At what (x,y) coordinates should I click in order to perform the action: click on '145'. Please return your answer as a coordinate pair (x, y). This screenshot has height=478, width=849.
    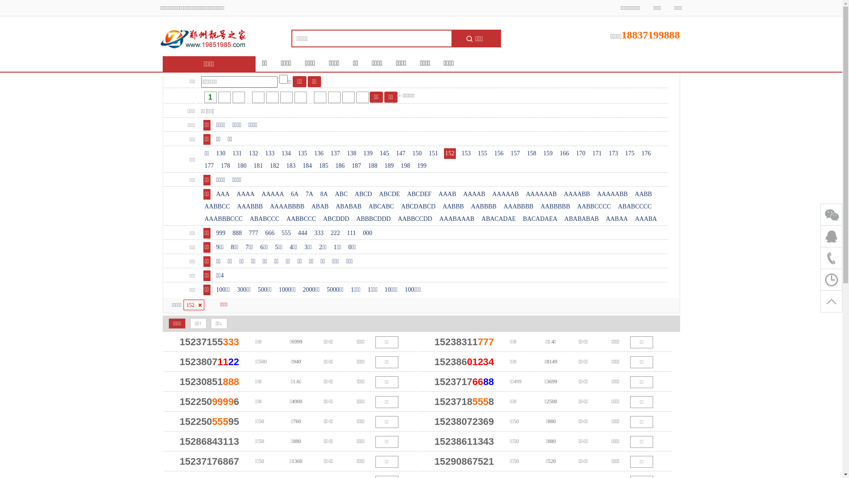
    Looking at the image, I should click on (384, 153).